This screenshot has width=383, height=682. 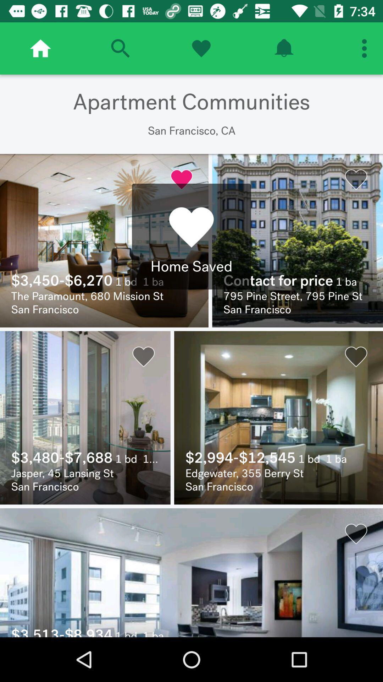 What do you see at coordinates (283, 48) in the screenshot?
I see `notifications` at bounding box center [283, 48].